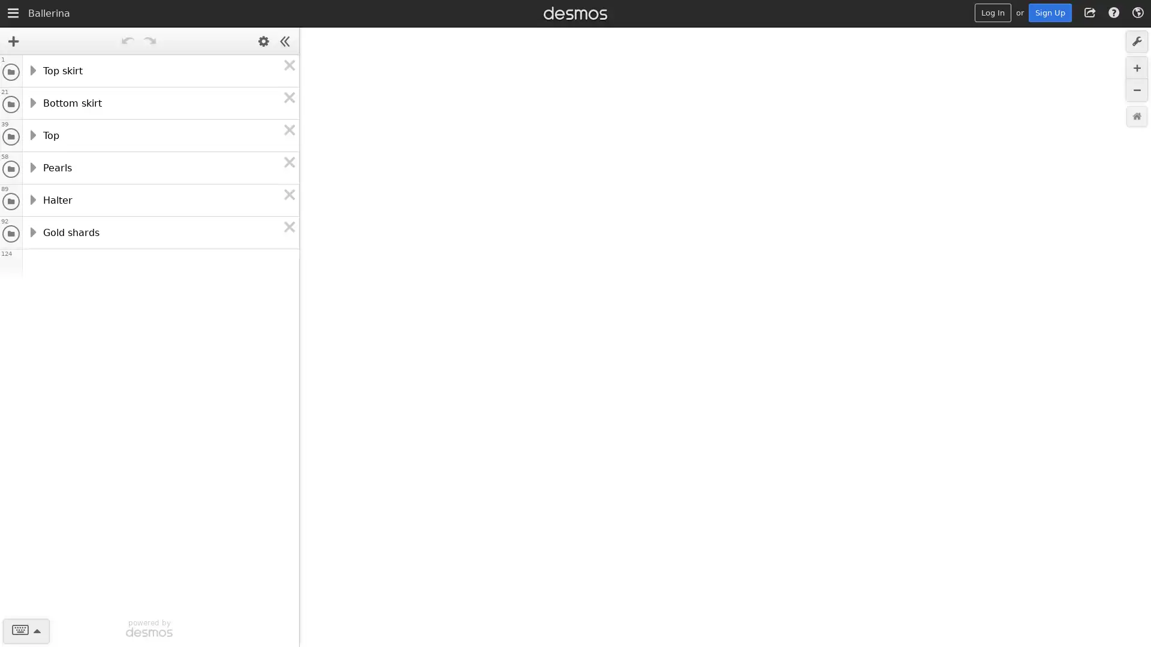  Describe the element at coordinates (32, 198) in the screenshot. I see `Collapse Folder` at that location.